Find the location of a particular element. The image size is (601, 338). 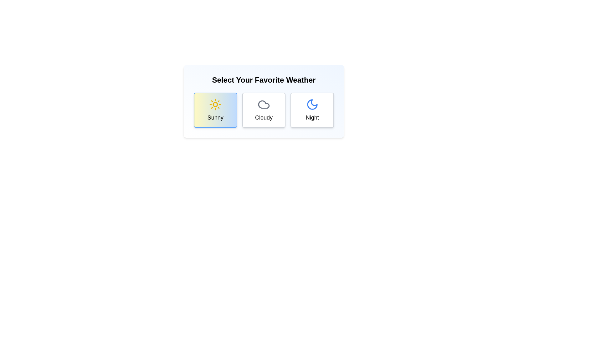

the 'Night' text label, which is styled with a medium font size and center alignment is located at coordinates (312, 117).